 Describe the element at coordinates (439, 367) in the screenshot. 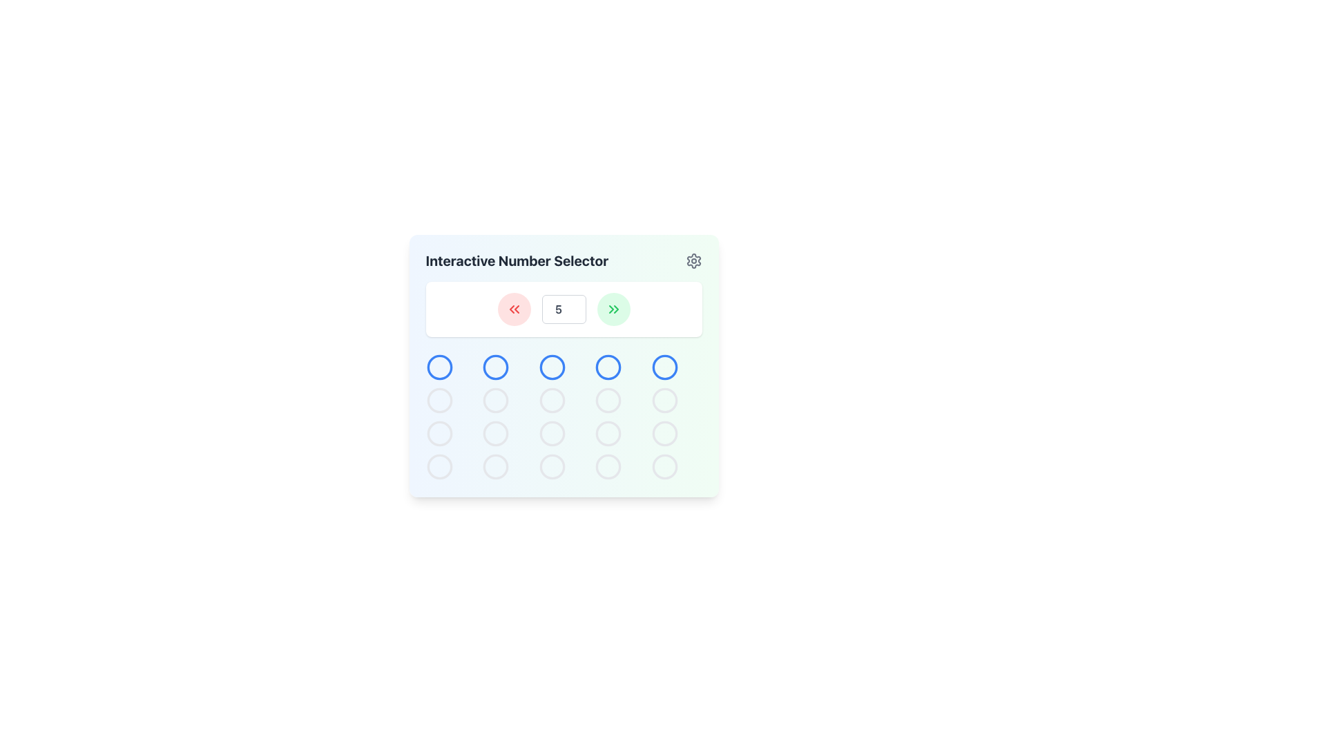

I see `the circular element in the first column and first row of the grid layout, which is part of the 'Interactive Number Selector' interface, located below the box showing the number '5'` at that location.